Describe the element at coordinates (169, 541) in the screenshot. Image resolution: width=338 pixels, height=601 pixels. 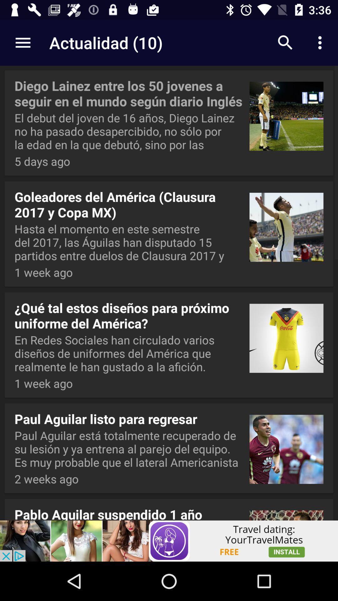
I see `install the particular app` at that location.